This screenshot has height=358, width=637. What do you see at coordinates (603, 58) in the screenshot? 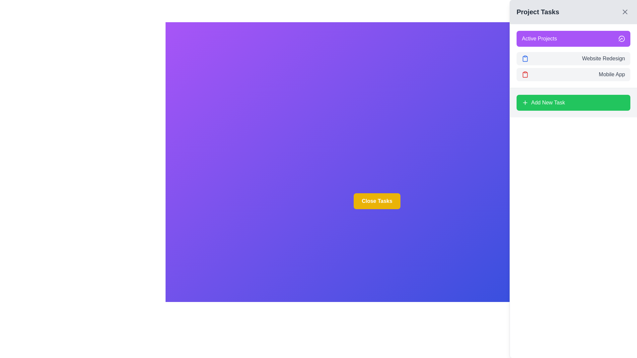
I see `the text label displaying 'Website Redesign' in gray color, which is the second item under the 'Active Projects' header in the 'Project Tasks' section` at bounding box center [603, 58].